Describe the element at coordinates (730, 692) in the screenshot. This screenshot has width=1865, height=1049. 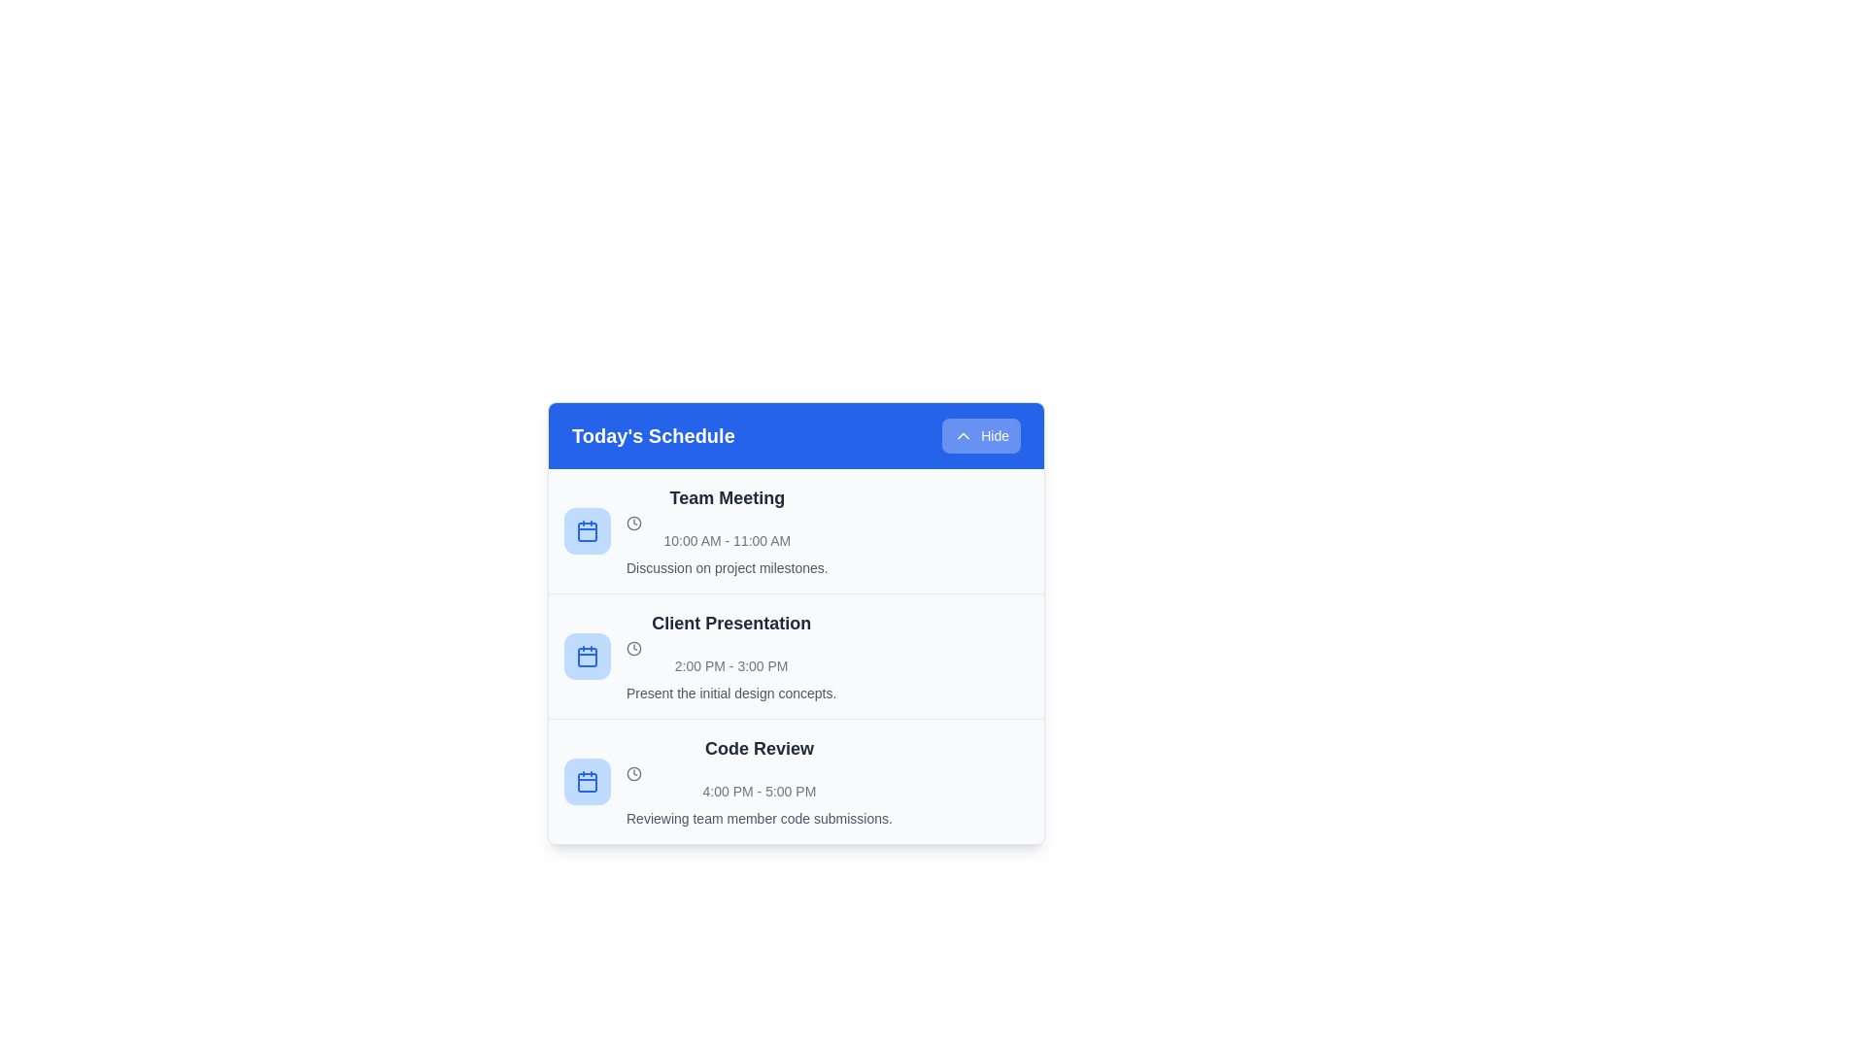
I see `the text snippet displaying the phrase "Present the initial design concepts." located below the time range text within the card labeled "Client Presentation."` at that location.